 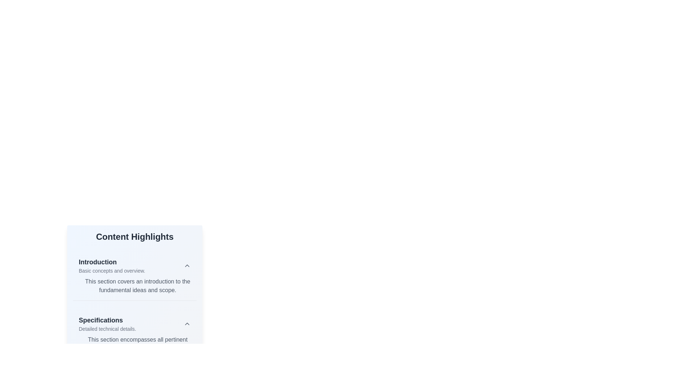 What do you see at coordinates (111, 270) in the screenshot?
I see `the static text label that provides a descriptive summary for the 'Introduction' section, located as the second line of text below the main heading` at bounding box center [111, 270].